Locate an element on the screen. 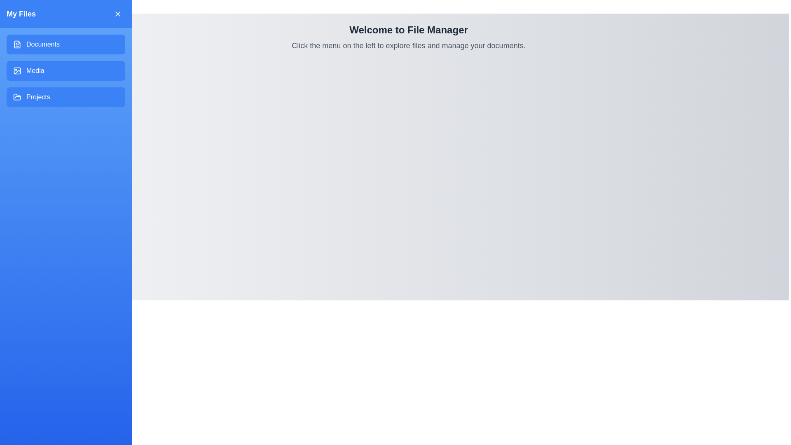  the drawer button labeled 'Projects' to observe visual feedback is located at coordinates (65, 96).